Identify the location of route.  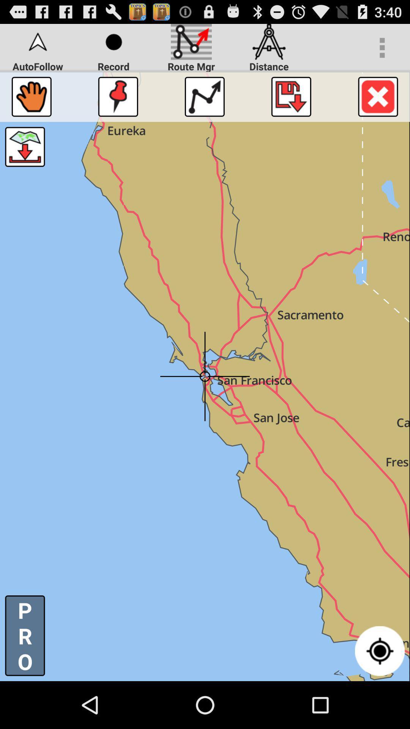
(204, 96).